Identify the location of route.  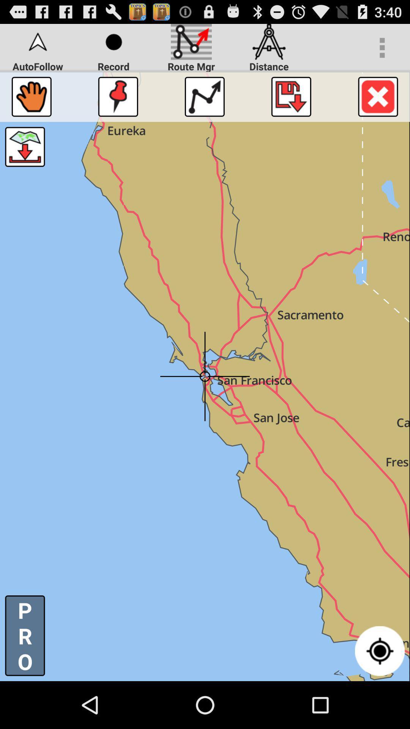
(204, 96).